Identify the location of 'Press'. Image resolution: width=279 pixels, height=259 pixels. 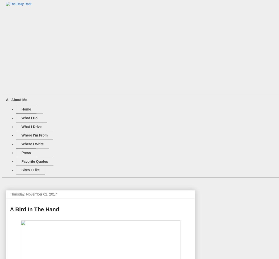
(26, 152).